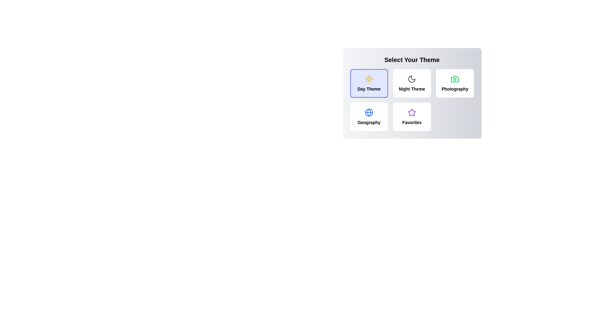 Image resolution: width=595 pixels, height=335 pixels. Describe the element at coordinates (412, 83) in the screenshot. I see `the 'Night Theme' button located in the second column of the first row of the grid layout` at that location.